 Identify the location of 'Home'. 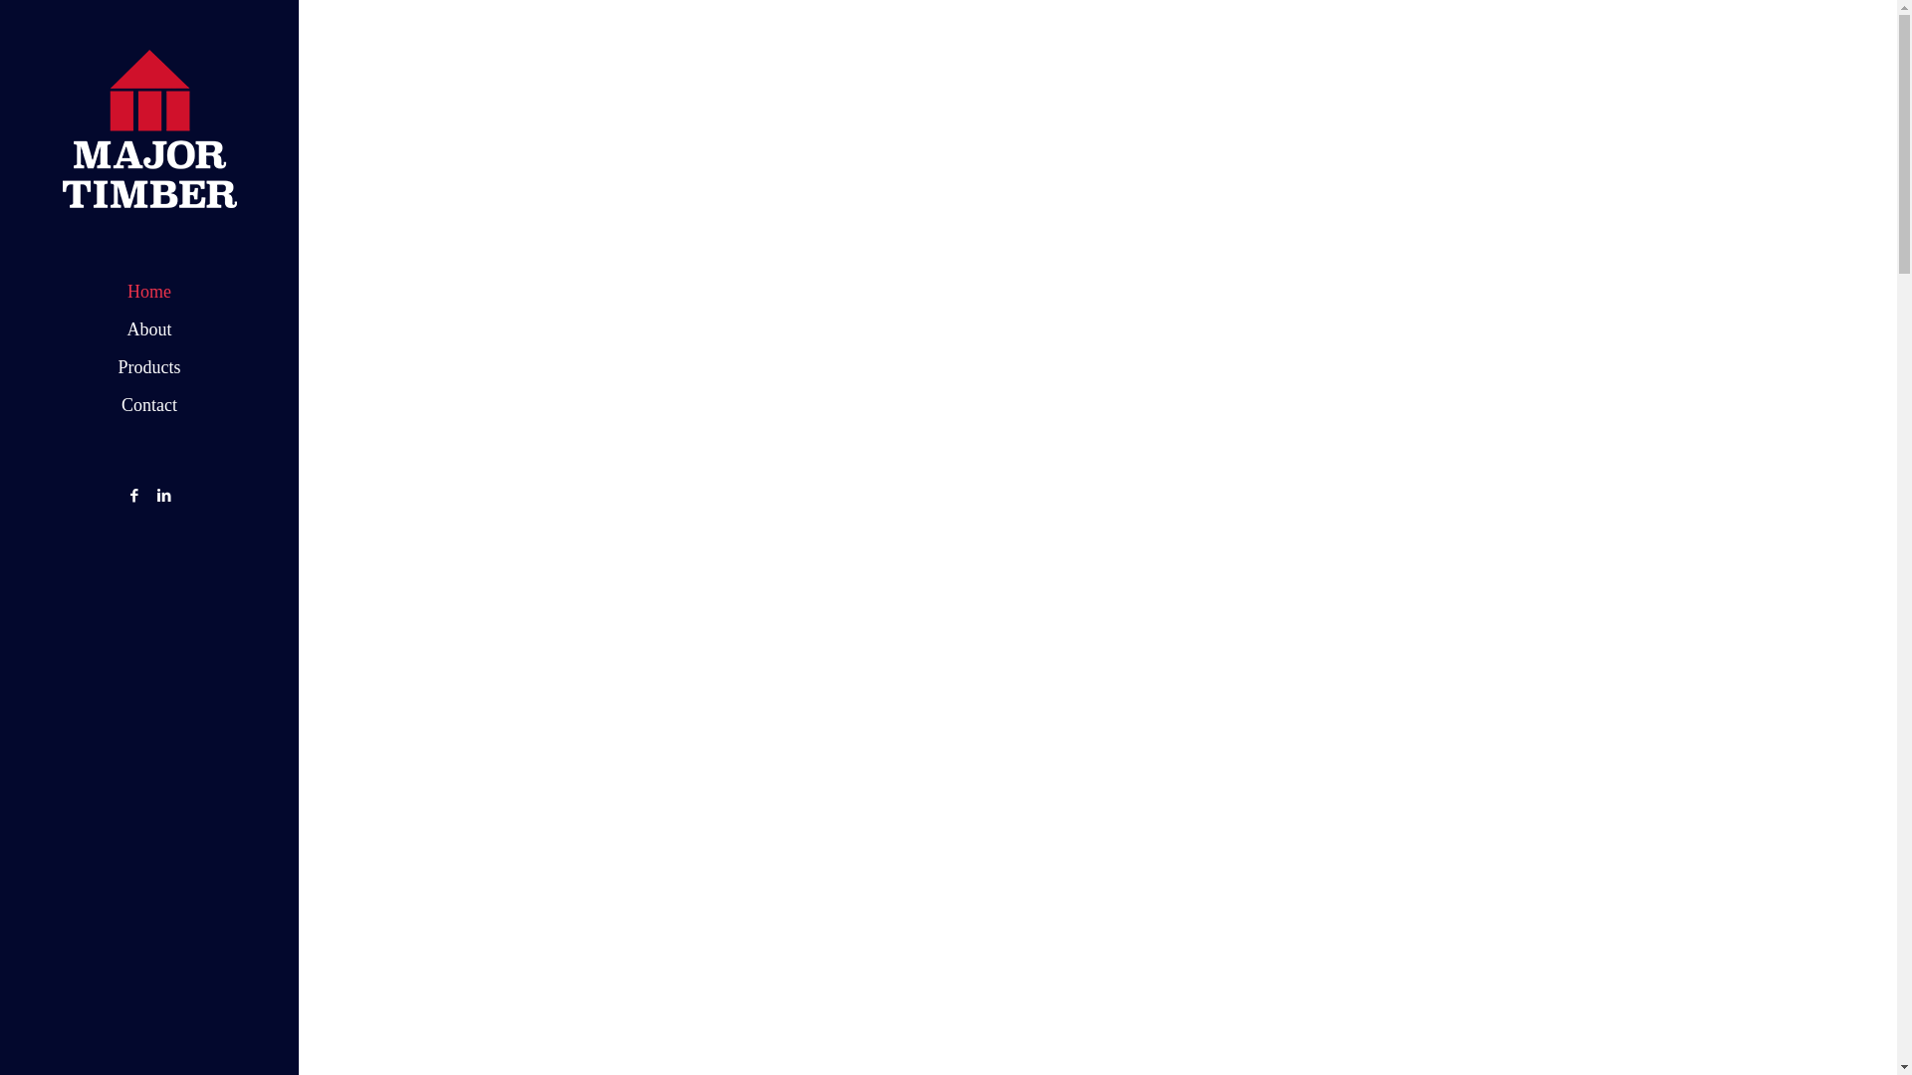
(147, 292).